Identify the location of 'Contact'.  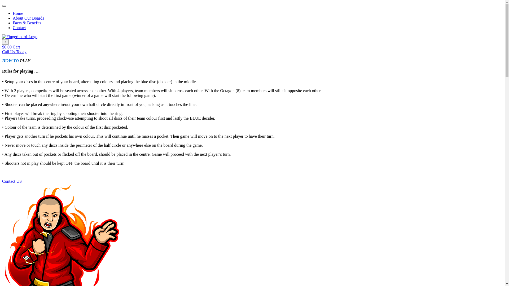
(19, 28).